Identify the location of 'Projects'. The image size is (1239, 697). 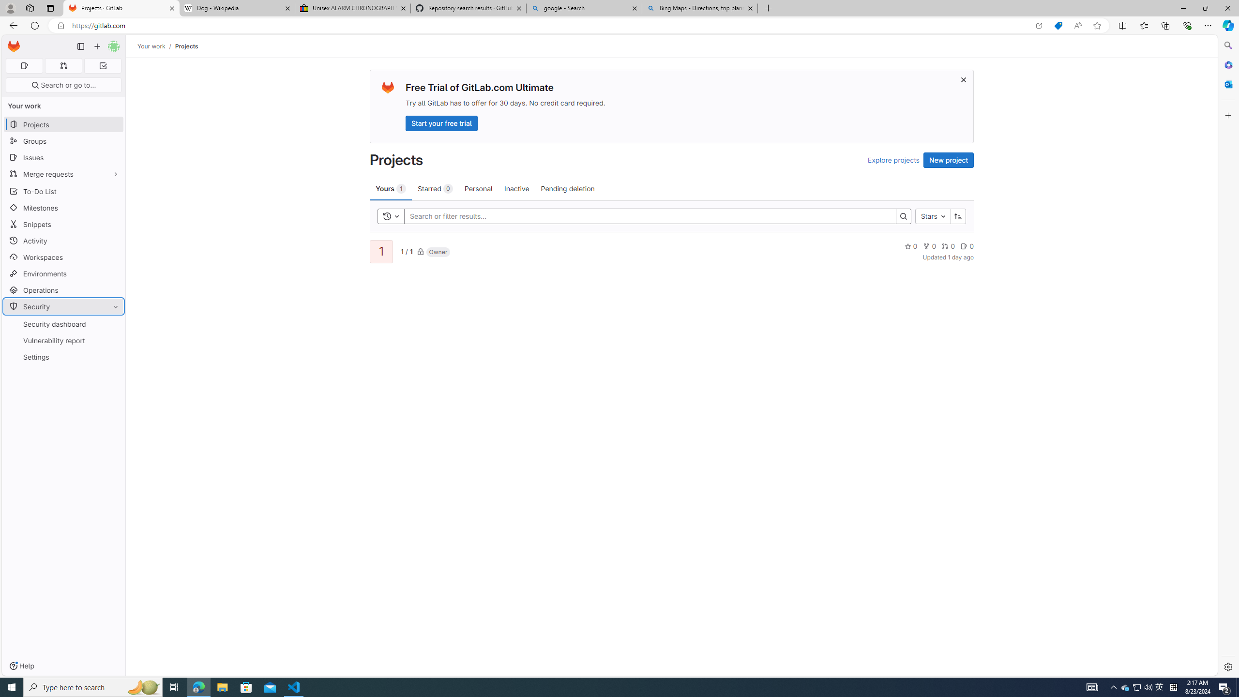
(186, 46).